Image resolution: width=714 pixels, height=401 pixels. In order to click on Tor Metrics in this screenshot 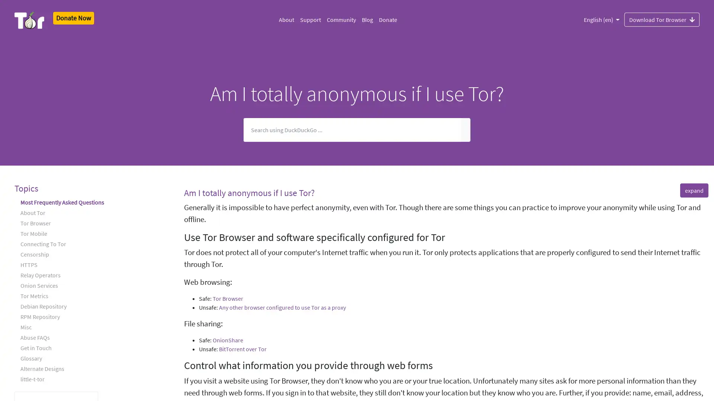, I will do `click(92, 295)`.